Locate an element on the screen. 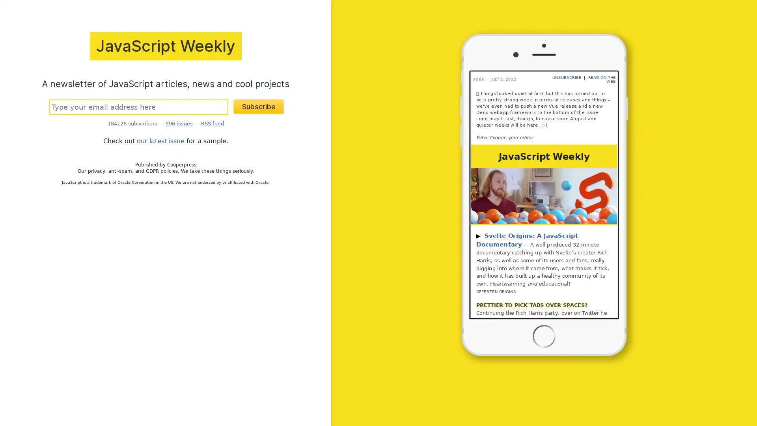 The height and width of the screenshot is (426, 757). Subscribe is located at coordinates (259, 106).